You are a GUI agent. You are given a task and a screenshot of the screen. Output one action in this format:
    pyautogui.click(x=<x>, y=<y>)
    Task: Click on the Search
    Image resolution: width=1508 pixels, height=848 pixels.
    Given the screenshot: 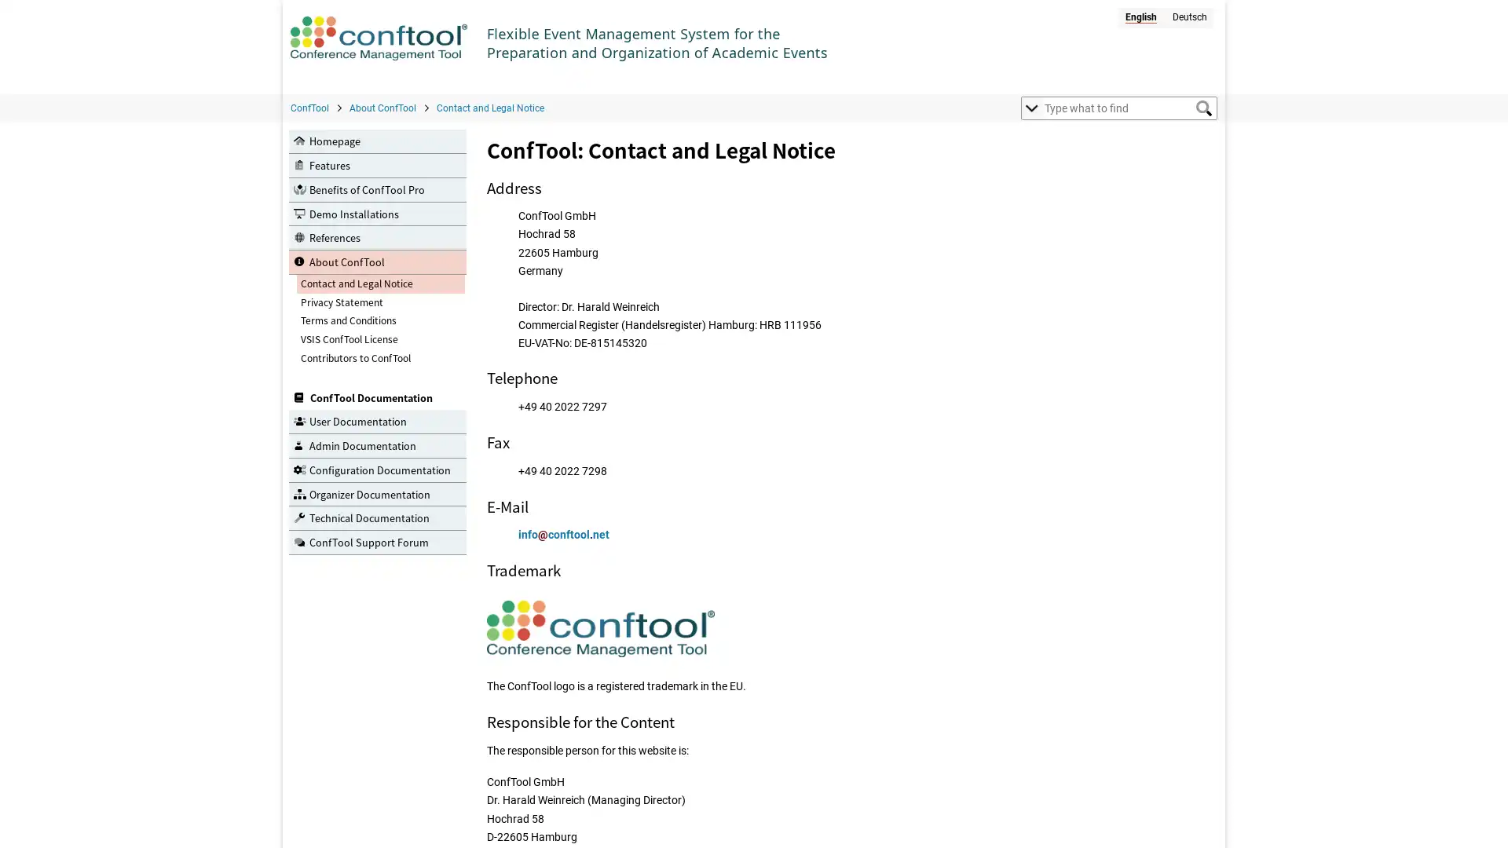 What is the action you would take?
    pyautogui.click(x=1202, y=108)
    